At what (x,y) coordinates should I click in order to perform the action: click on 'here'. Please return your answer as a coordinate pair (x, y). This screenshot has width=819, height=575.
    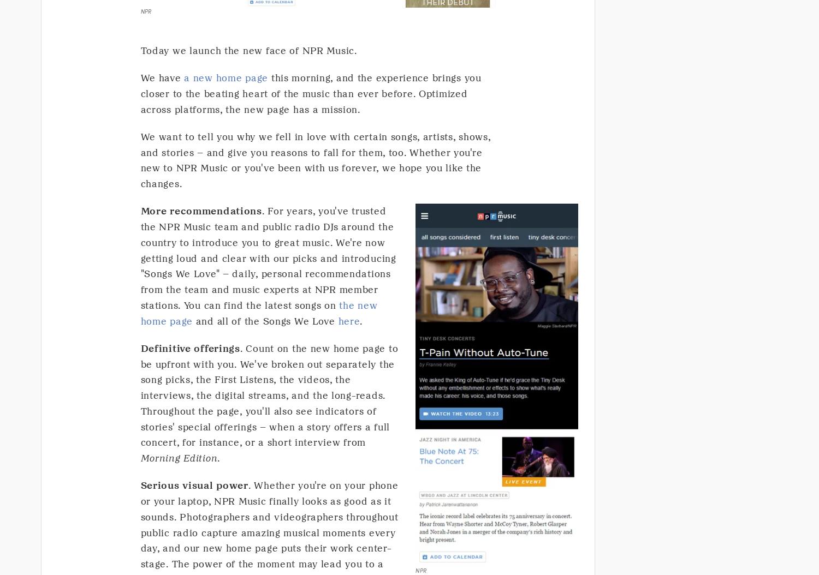
    Looking at the image, I should click on (349, 320).